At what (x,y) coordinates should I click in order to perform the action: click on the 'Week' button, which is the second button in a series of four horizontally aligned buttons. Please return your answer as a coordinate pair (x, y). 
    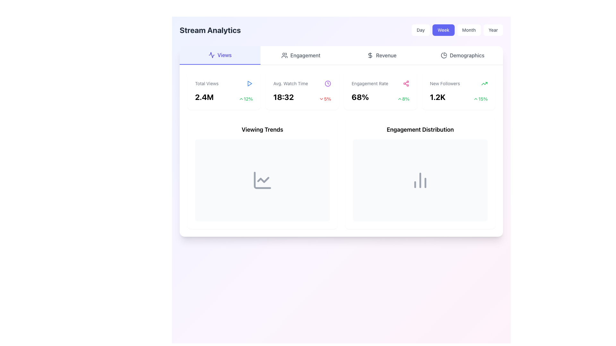
    Looking at the image, I should click on (457, 30).